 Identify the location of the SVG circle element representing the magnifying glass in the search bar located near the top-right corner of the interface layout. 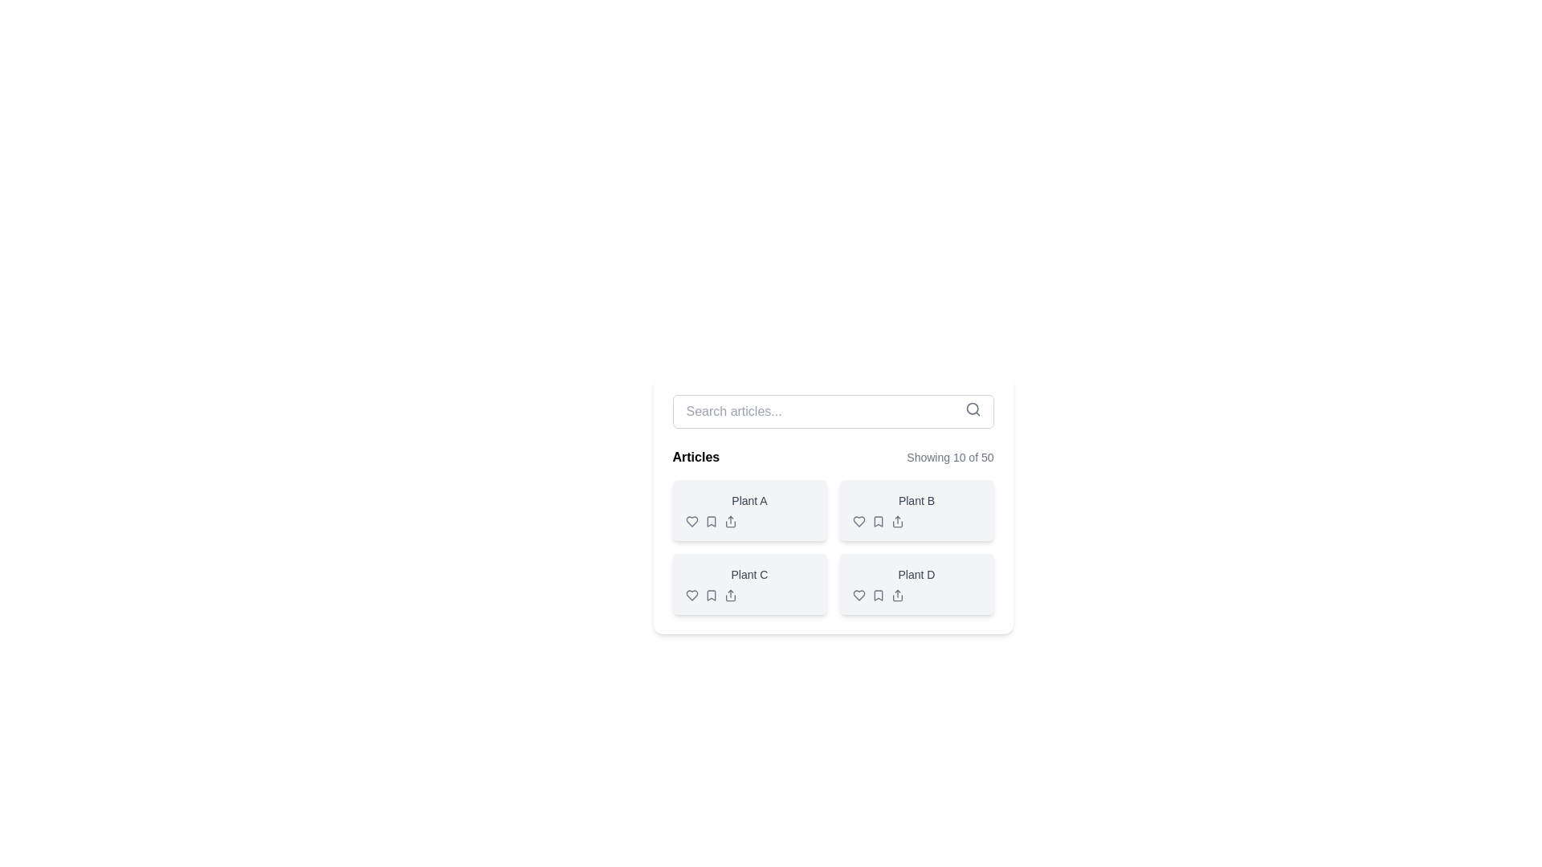
(971, 408).